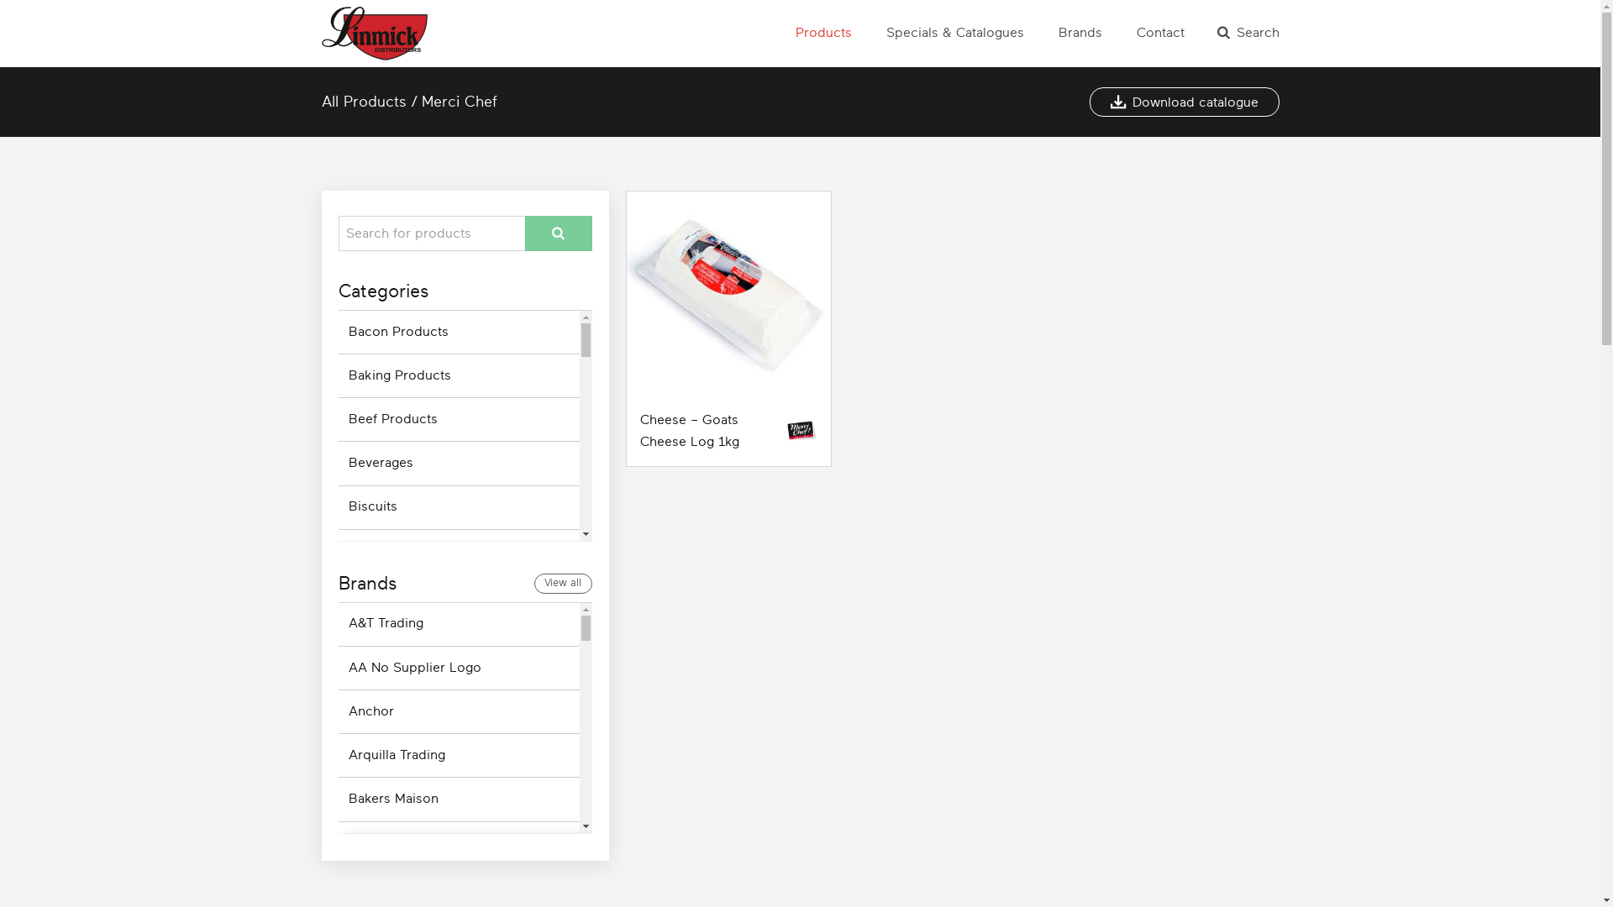 The image size is (1613, 907). I want to click on 'Beverages', so click(458, 463).